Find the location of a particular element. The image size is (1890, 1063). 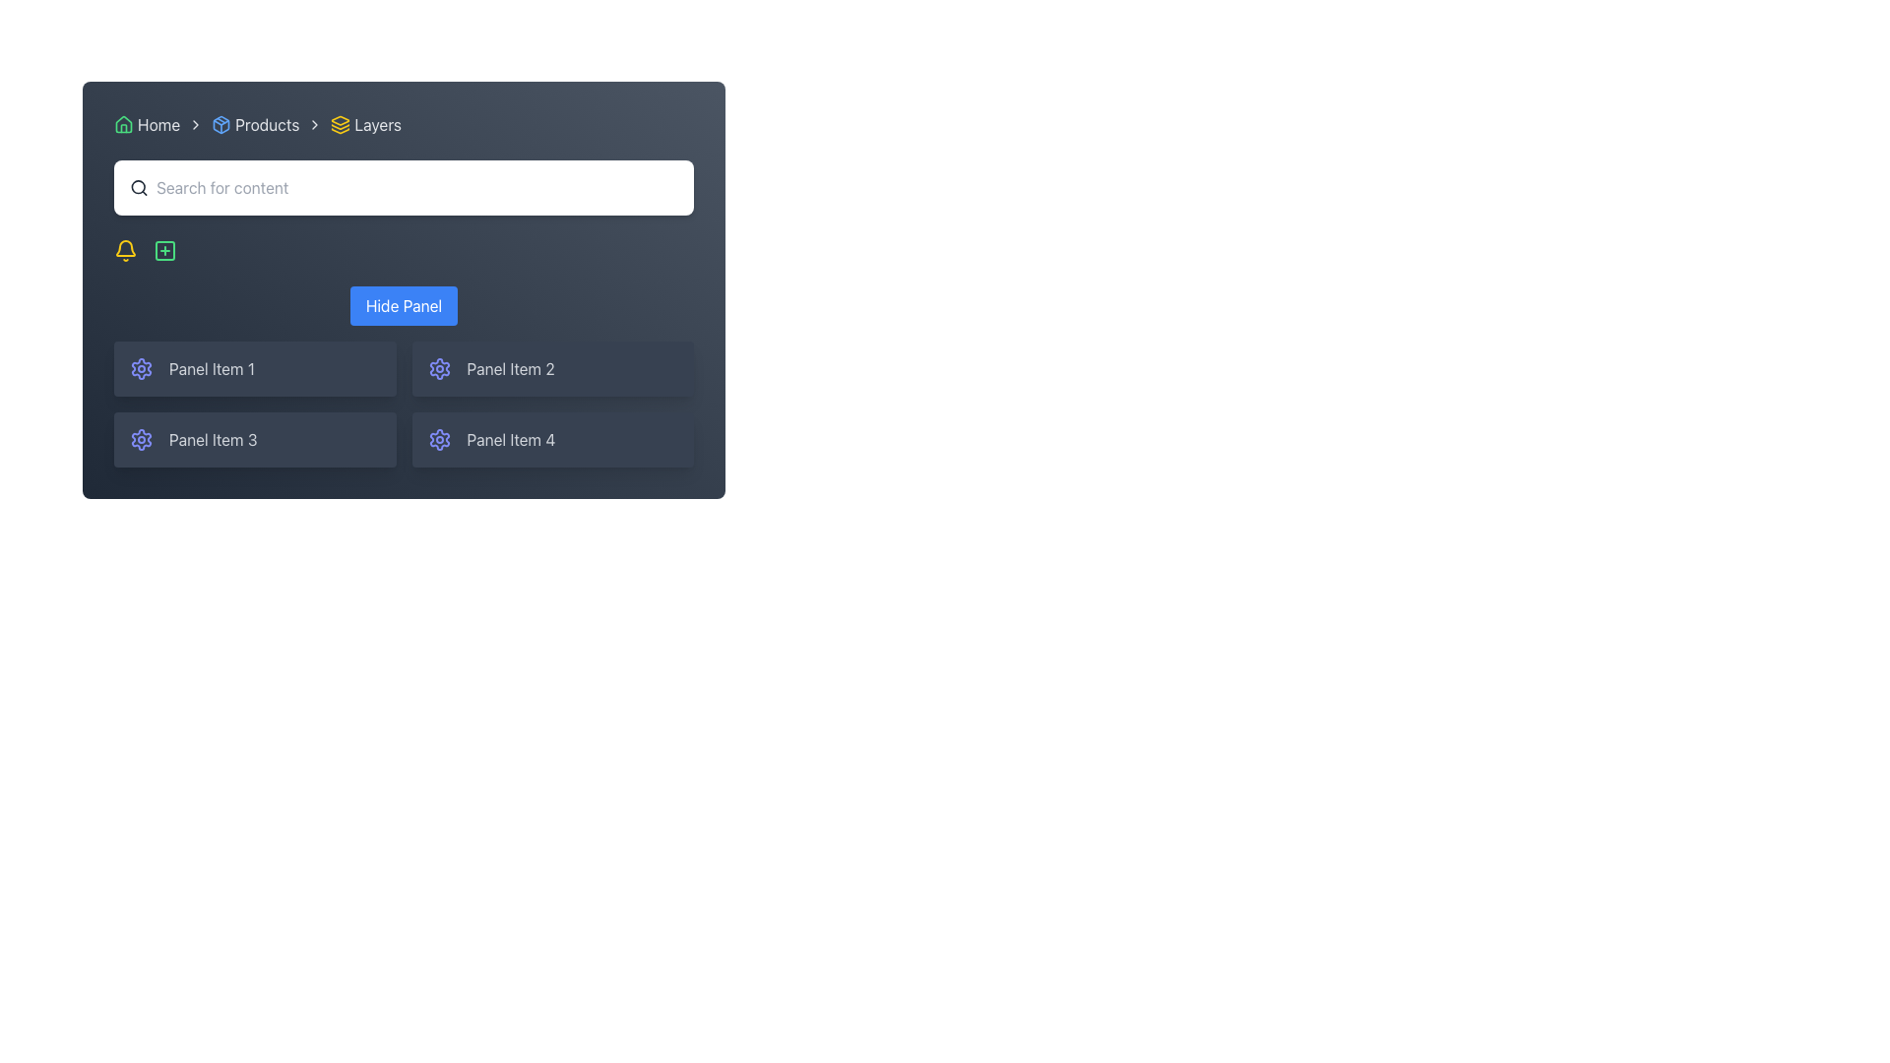

the blue package box icon located in the breadcrumb navigation bar next to the 'Products' text is located at coordinates (221, 125).